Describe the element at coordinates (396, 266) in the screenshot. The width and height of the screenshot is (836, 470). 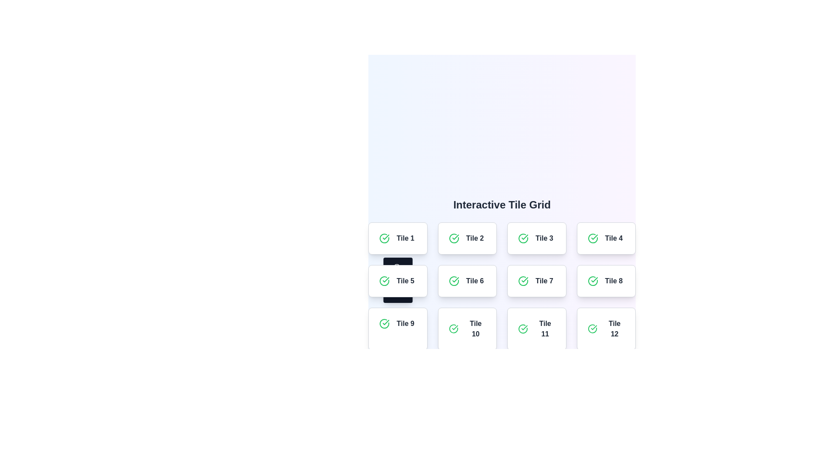
I see `the graphical representation by clicking on the SVG circle element located centrally within the 'Tile 5' component` at that location.